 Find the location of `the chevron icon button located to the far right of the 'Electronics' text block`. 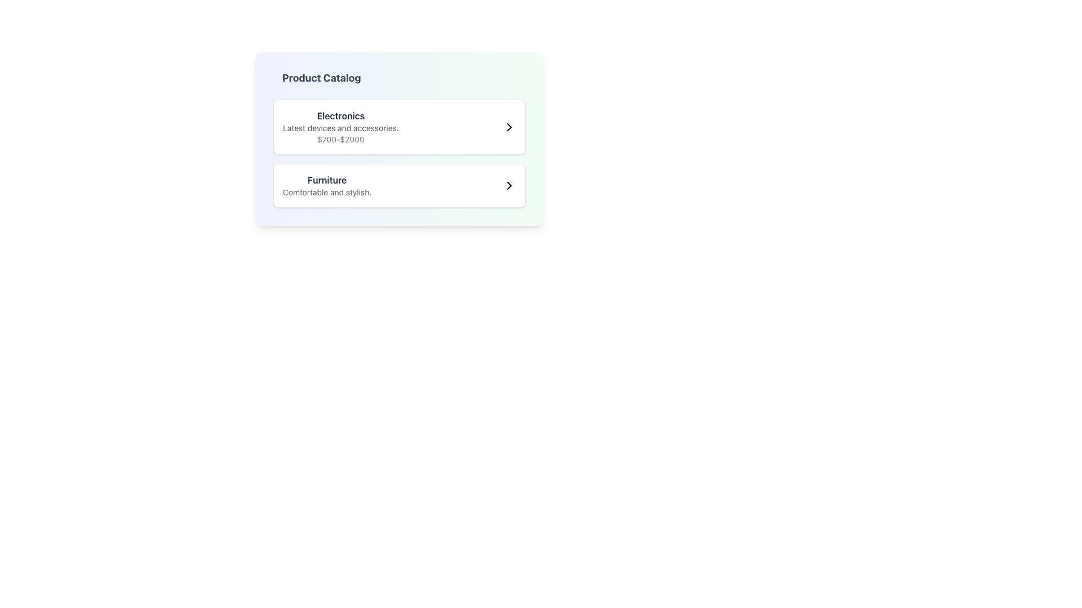

the chevron icon button located to the far right of the 'Electronics' text block is located at coordinates (508, 127).